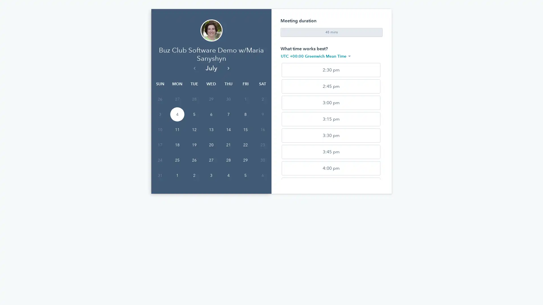 The image size is (543, 305). I want to click on July 14th, so click(228, 151).